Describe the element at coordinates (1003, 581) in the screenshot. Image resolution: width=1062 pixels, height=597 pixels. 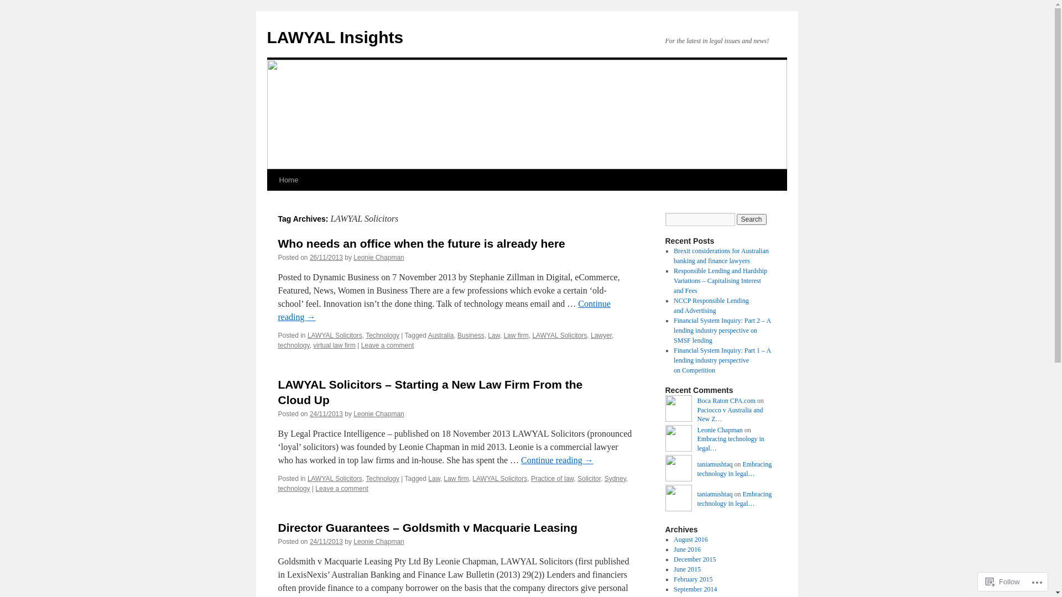
I see `'Follow'` at that location.